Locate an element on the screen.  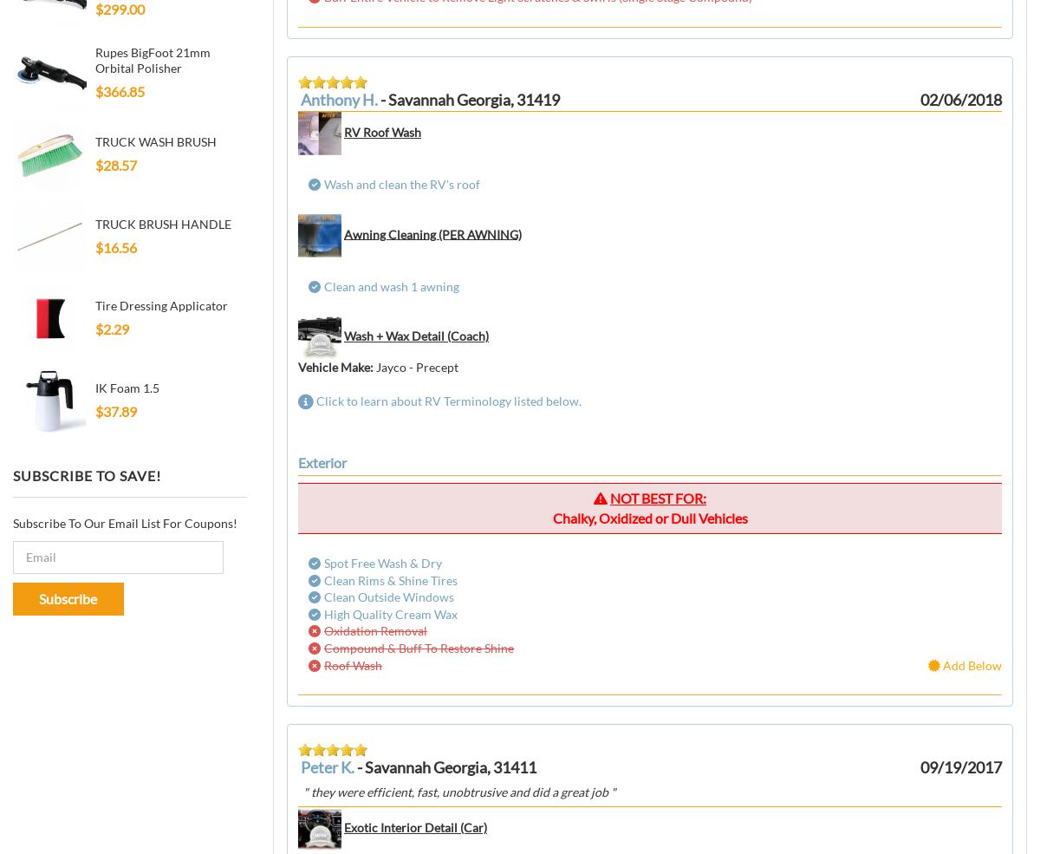
'TRUCK BRUSH HANDLE' is located at coordinates (161, 222).